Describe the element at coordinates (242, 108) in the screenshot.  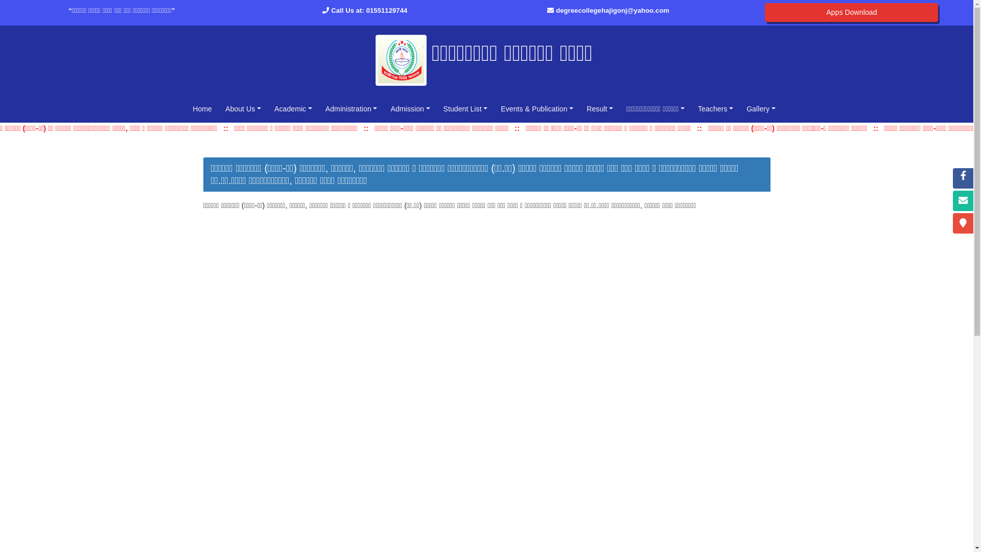
I see `'About Us'` at that location.